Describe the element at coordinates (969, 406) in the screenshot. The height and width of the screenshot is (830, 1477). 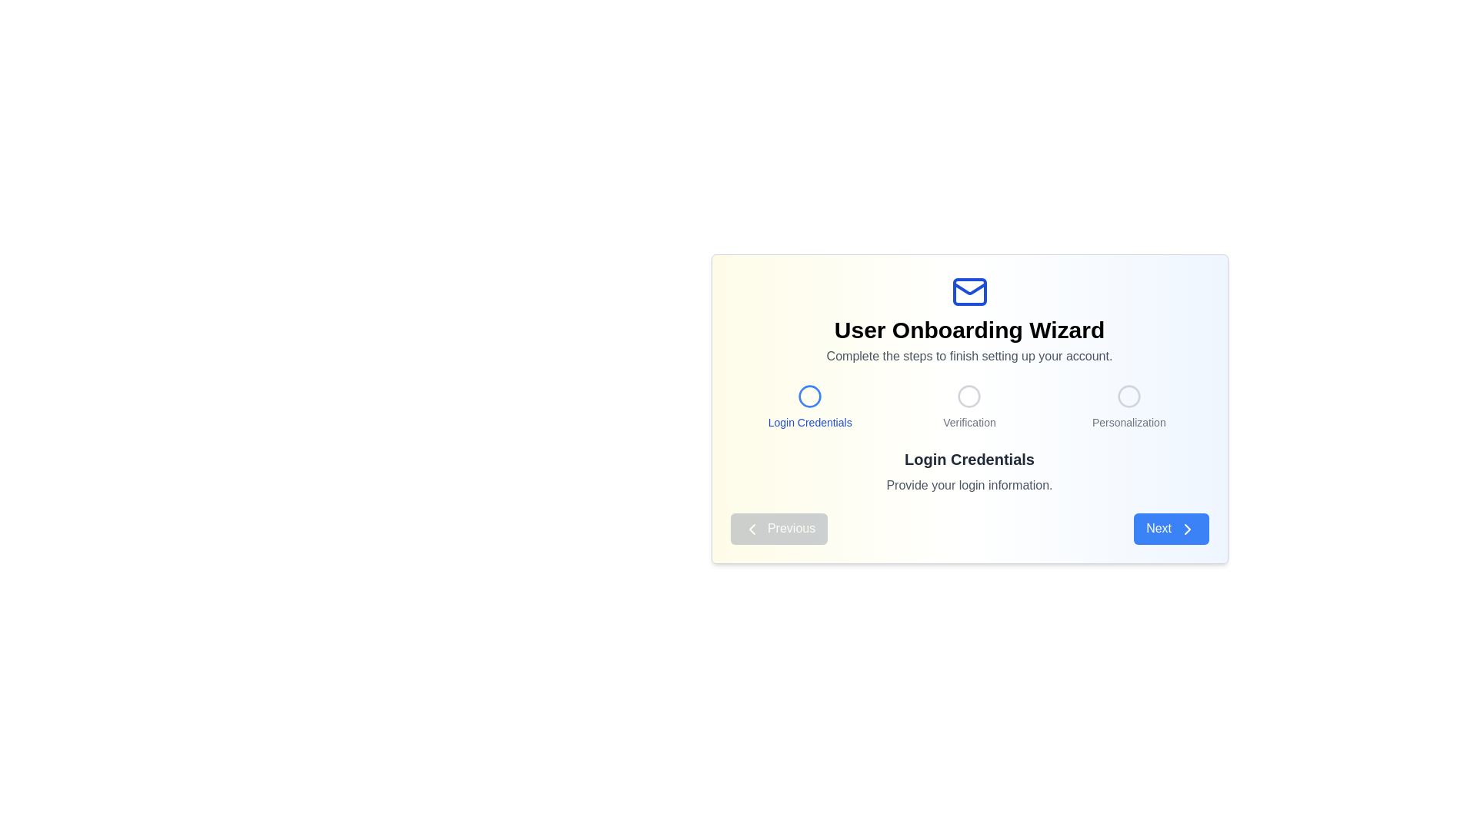
I see `the second stage of the progress tracker, which indicates the 'Verification' stage in a multi-step process` at that location.